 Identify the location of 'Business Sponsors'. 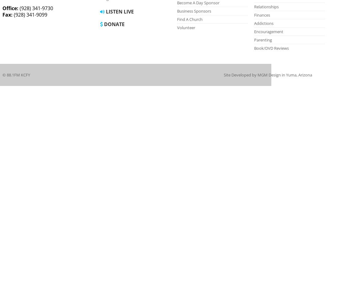
(194, 11).